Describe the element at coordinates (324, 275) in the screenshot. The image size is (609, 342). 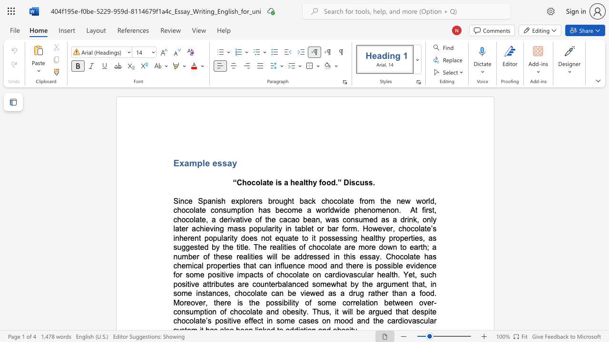
I see `the subset text "cardiovascular health. Y" within the text "for some positive impacts of chocolate on cardiovascular health. Yet, such positive attributes are counterbalanced"` at that location.